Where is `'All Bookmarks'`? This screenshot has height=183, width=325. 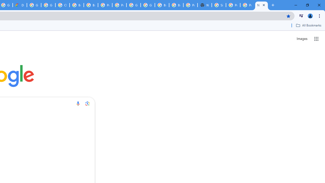
'All Bookmarks' is located at coordinates (308, 25).